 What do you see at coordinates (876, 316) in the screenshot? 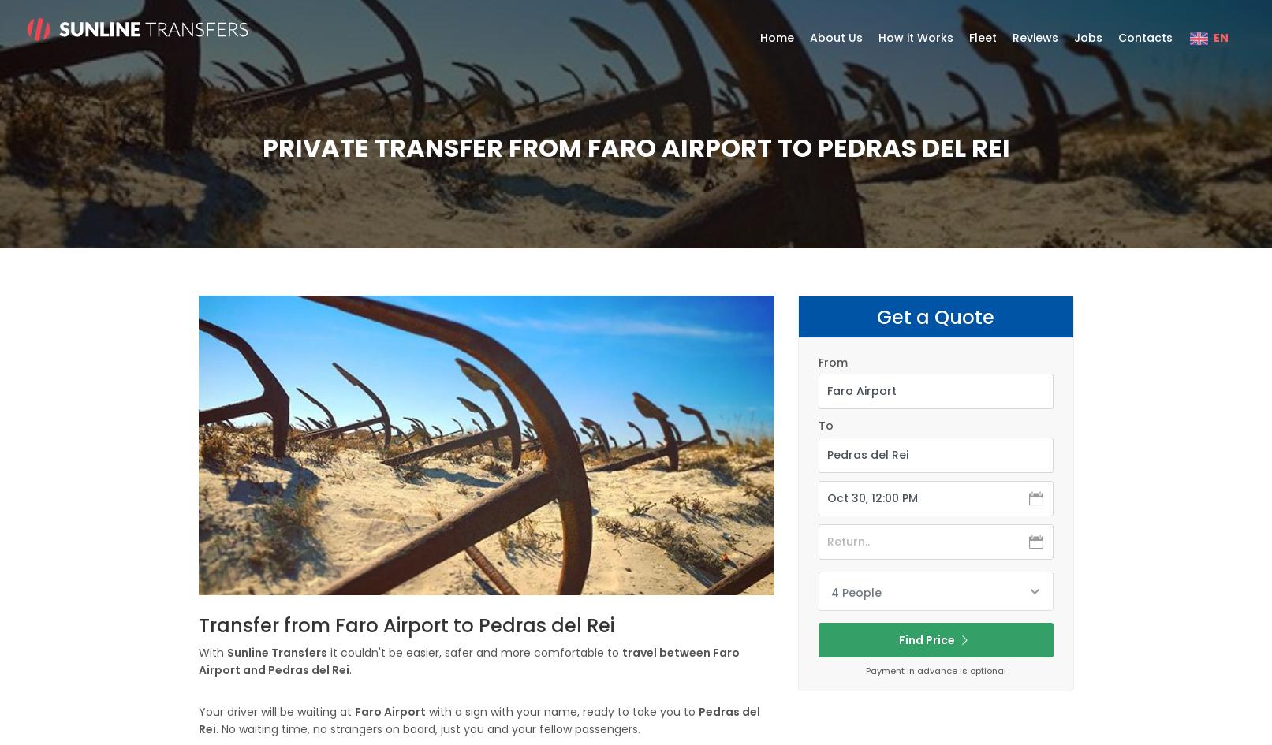
I see `'Get a Quote'` at bounding box center [876, 316].